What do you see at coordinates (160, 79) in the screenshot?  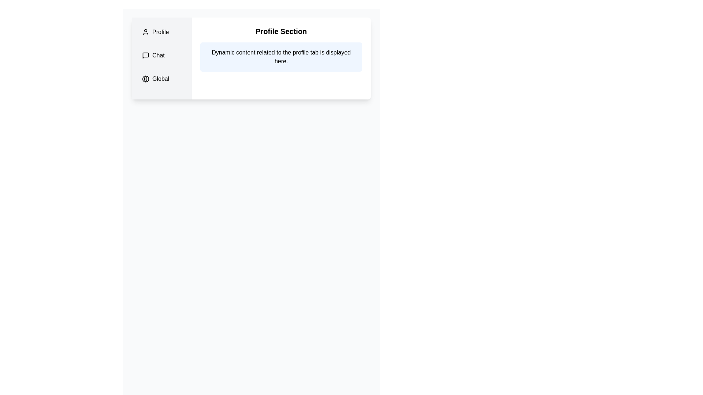 I see `the 'Global' static text label in the sidebar menu, which is styled with a medium font weight and accompanied by a globe icon` at bounding box center [160, 79].